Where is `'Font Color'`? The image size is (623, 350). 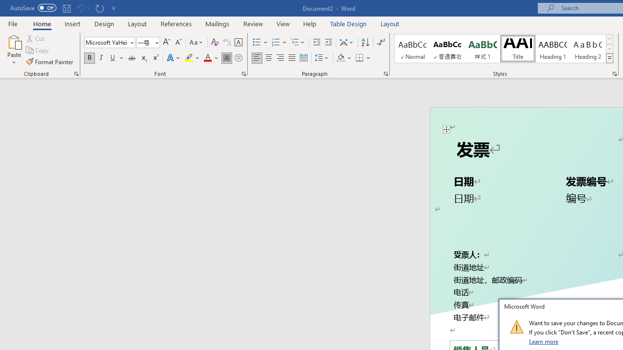
'Font Color' is located at coordinates (211, 58).